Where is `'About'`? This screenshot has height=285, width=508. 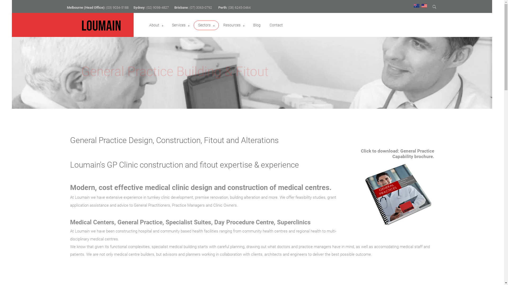 'About' is located at coordinates (154, 25).